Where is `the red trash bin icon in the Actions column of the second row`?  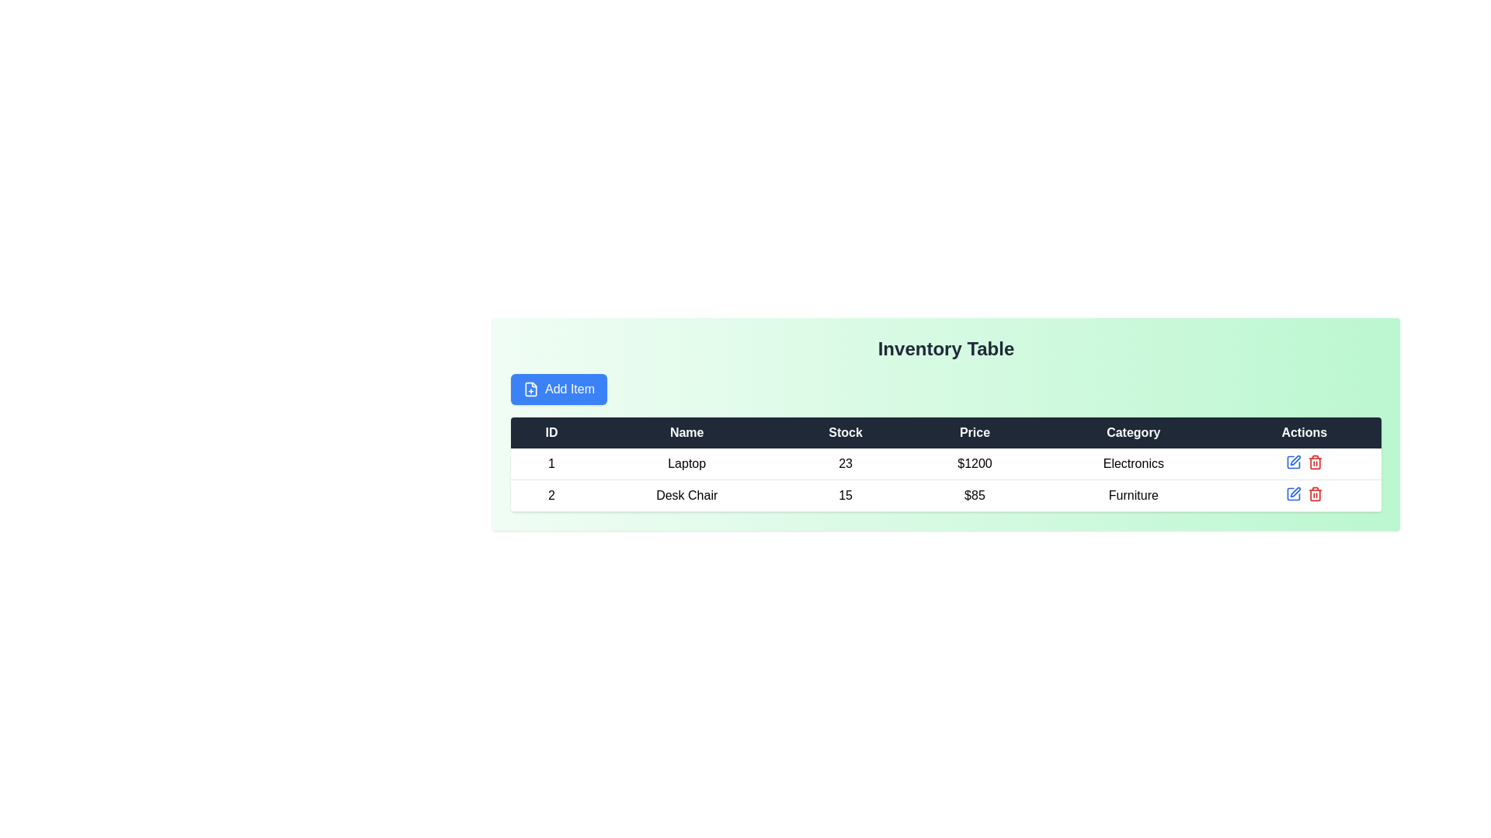
the red trash bin icon in the Actions column of the second row is located at coordinates (1314, 493).